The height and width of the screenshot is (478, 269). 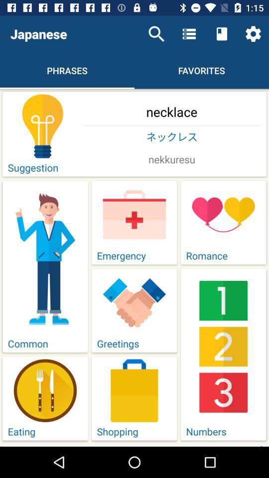 What do you see at coordinates (253, 34) in the screenshot?
I see `icon above the necklace item` at bounding box center [253, 34].